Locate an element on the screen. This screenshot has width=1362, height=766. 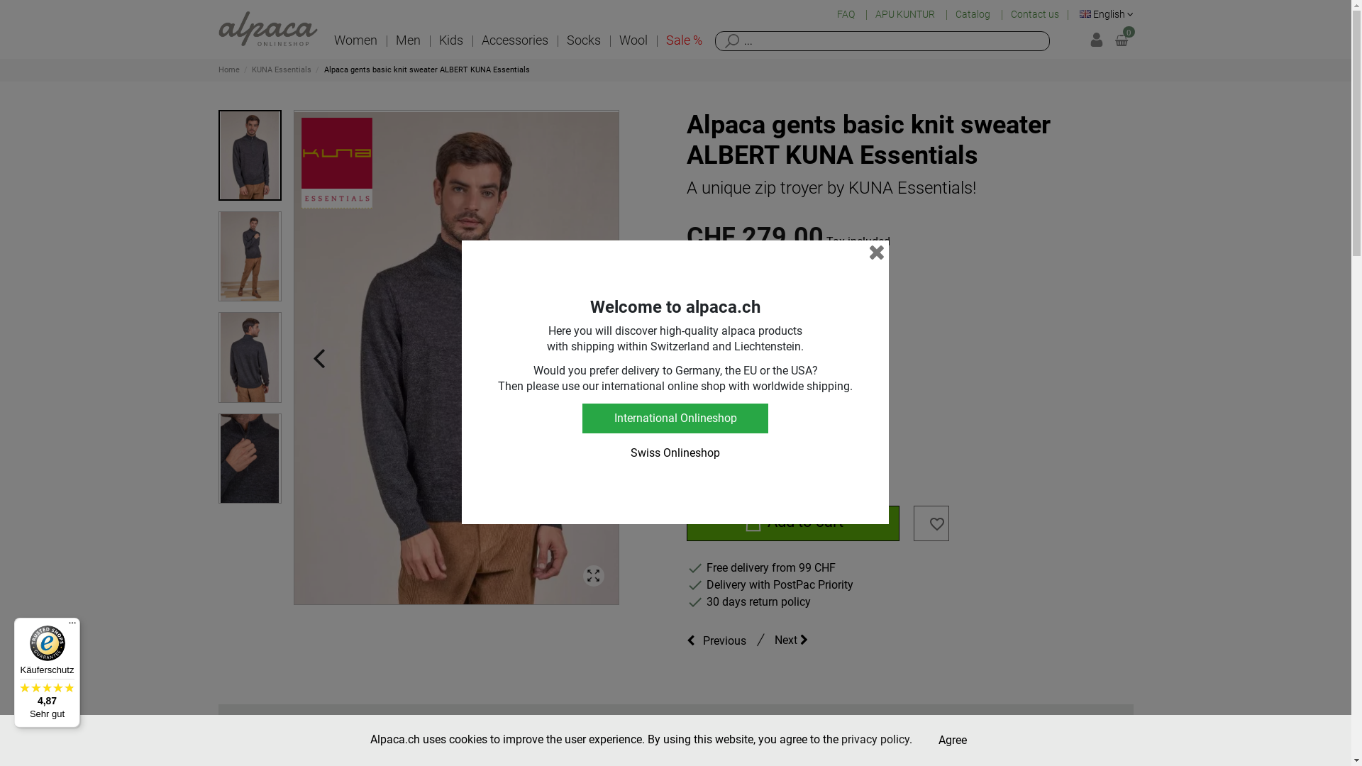
'Socks' is located at coordinates (583, 40).